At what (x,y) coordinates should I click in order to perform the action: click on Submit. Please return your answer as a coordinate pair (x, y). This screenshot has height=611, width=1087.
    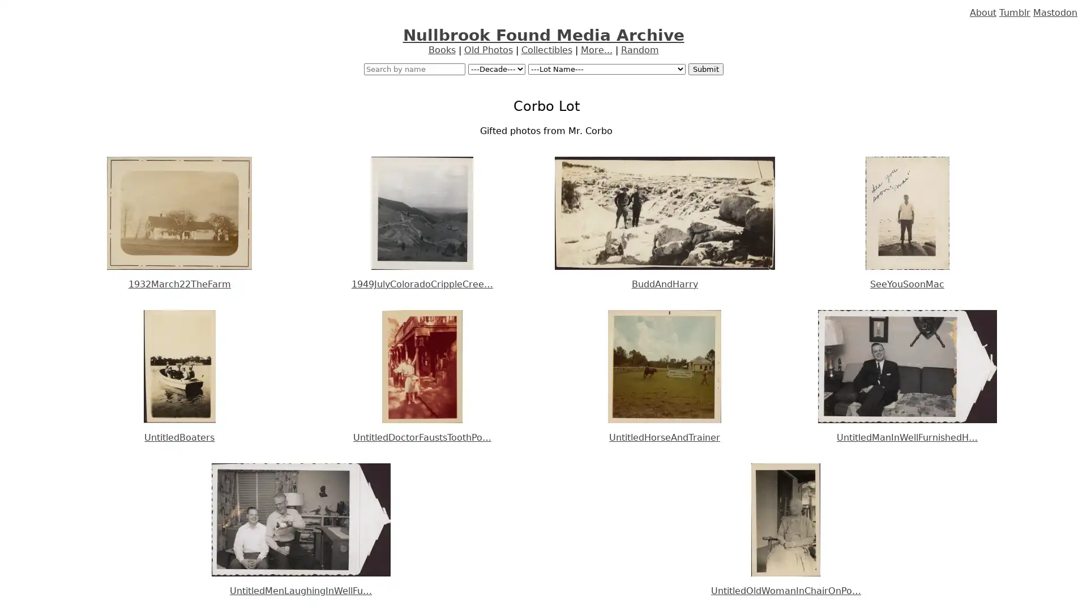
    Looking at the image, I should click on (705, 69).